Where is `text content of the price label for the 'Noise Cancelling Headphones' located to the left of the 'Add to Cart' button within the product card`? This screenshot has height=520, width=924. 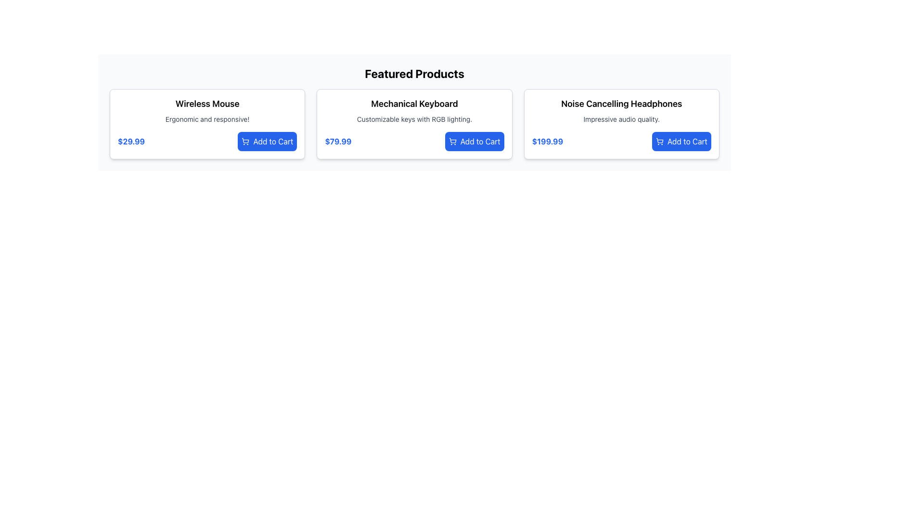
text content of the price label for the 'Noise Cancelling Headphones' located to the left of the 'Add to Cart' button within the product card is located at coordinates (547, 141).